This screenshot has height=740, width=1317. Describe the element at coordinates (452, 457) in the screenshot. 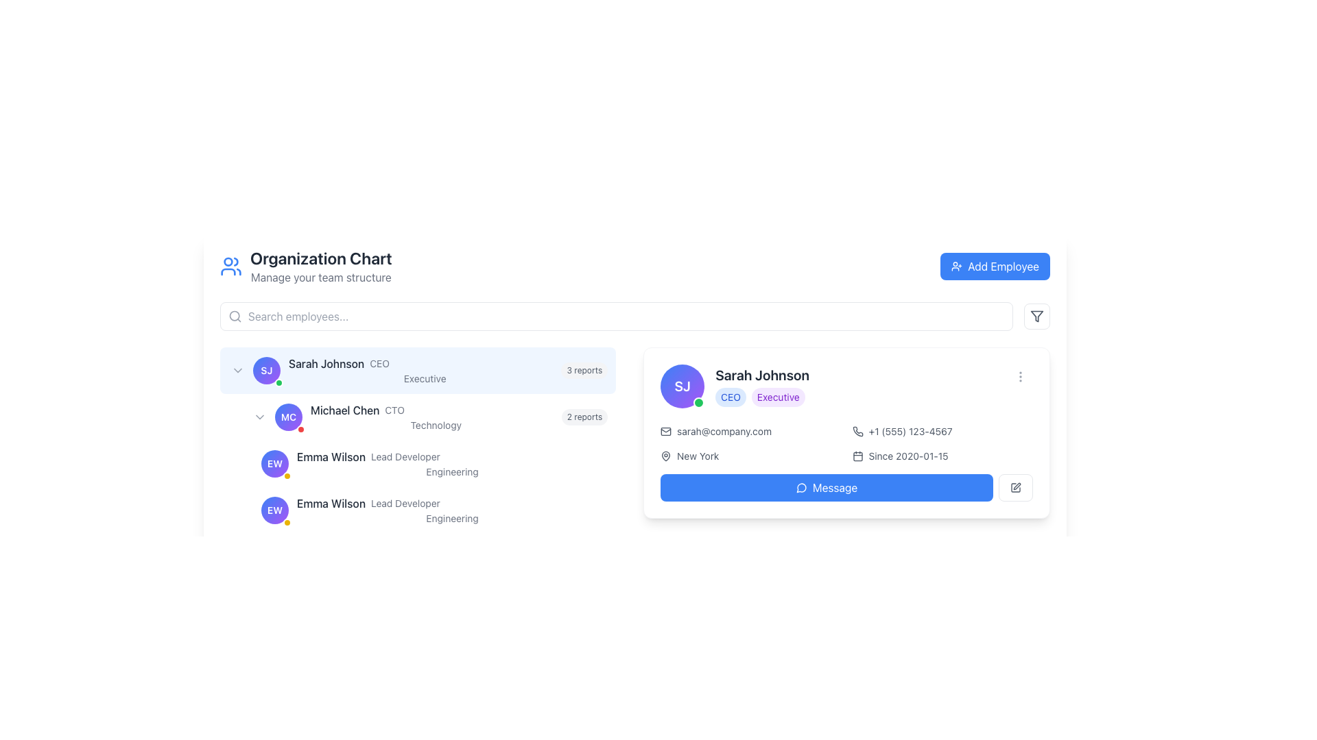

I see `the third entry in the organizational chart under 'Michael Chen' that displays the name and professional title of a person` at that location.